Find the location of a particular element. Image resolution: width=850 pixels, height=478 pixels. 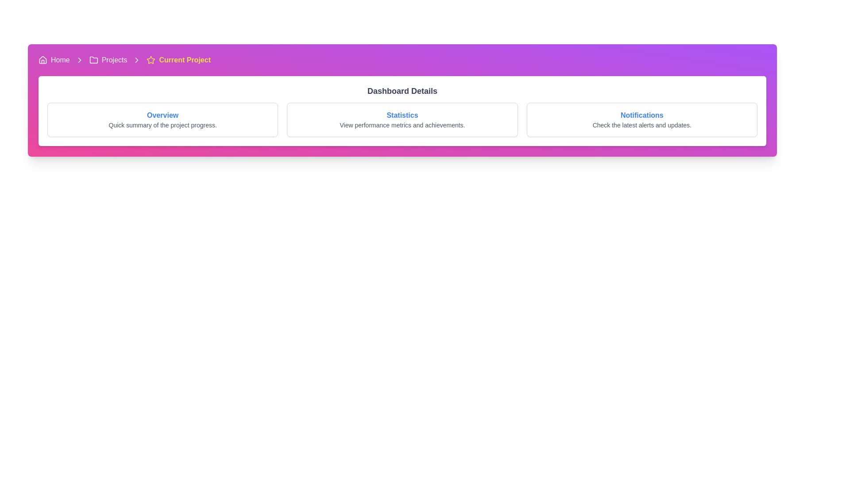

title label located at the center of the second section, which is flanked by 'Overview' and 'Notifications', to understand the section's purpose is located at coordinates (402, 115).